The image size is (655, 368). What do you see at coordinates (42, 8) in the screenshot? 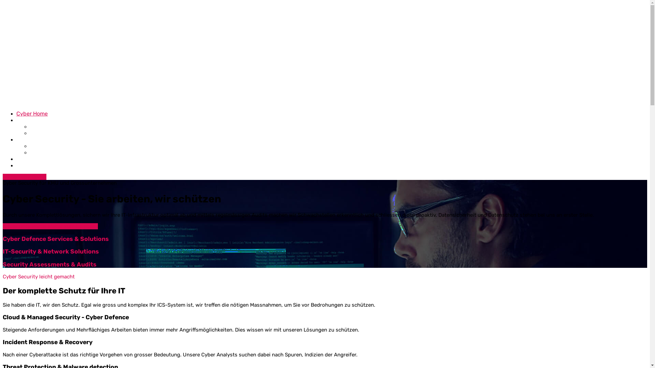
I see `'office@advision.swiss'` at bounding box center [42, 8].